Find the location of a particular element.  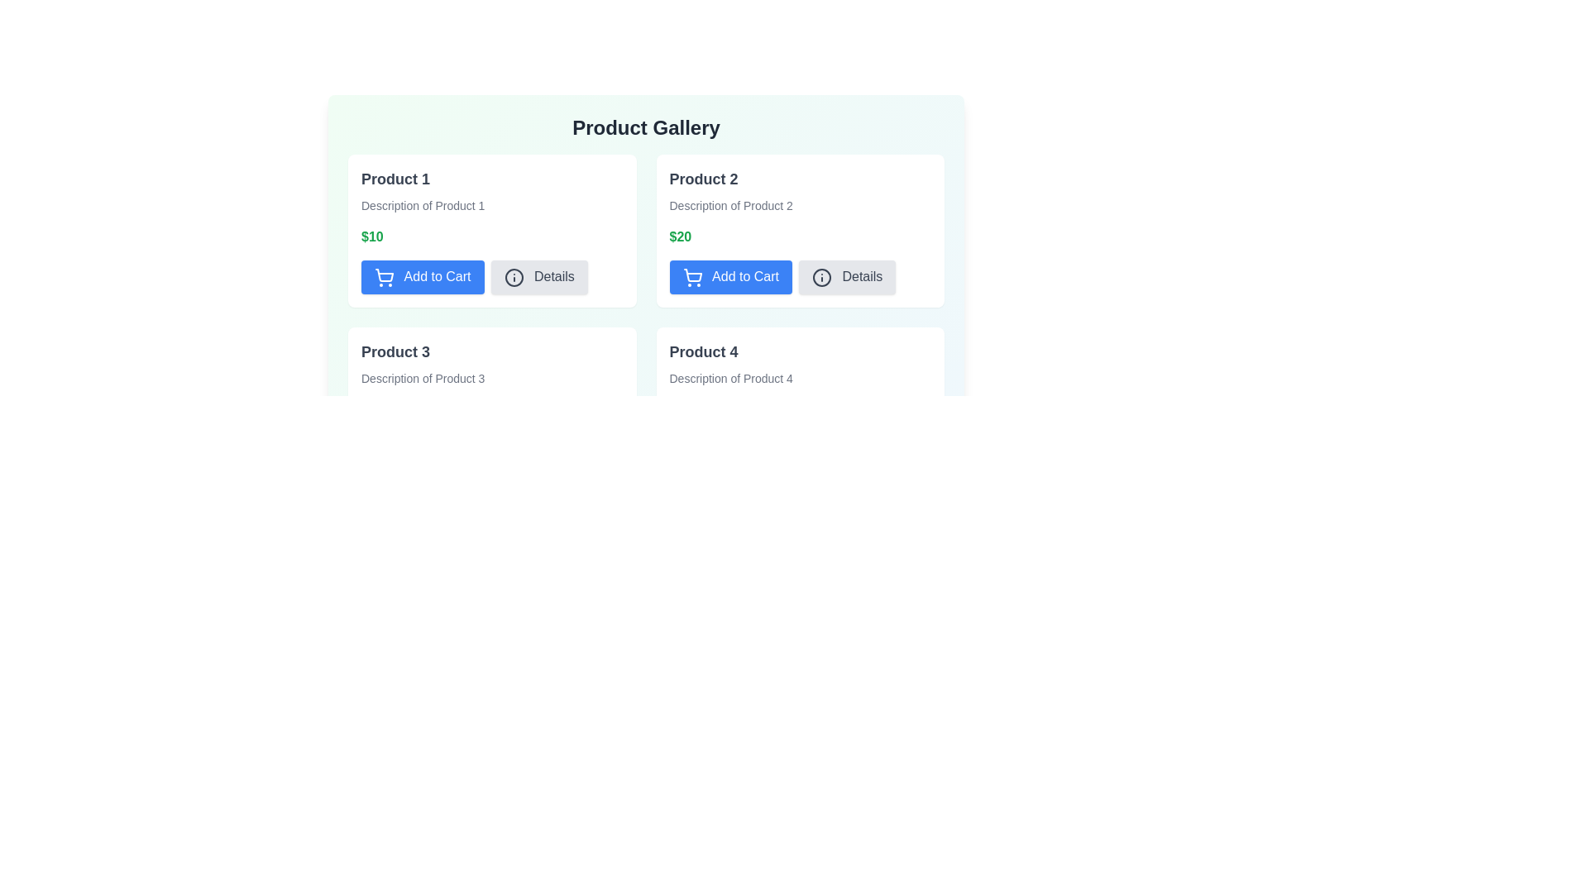

the static text label displaying the title of 'Product 3', which is located at the top section of its card in the bottom-left segment of the grid layout is located at coordinates (395, 351).